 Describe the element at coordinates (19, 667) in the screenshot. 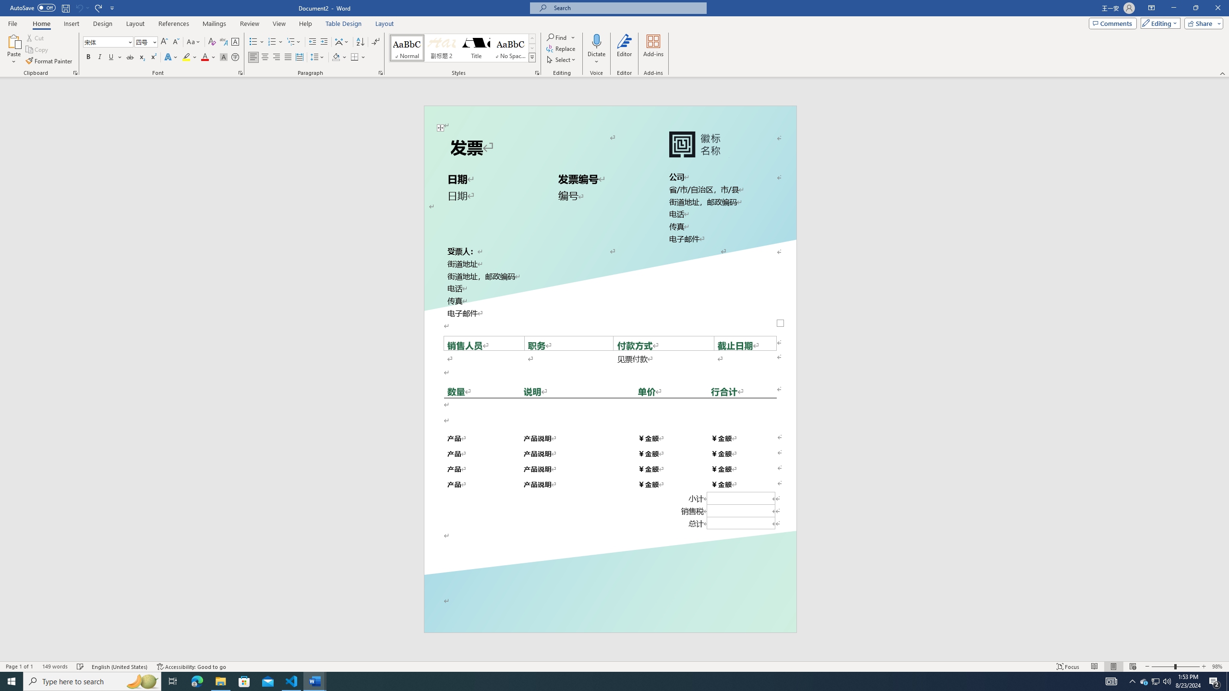

I see `'Page Number Page 1 of 1'` at that location.